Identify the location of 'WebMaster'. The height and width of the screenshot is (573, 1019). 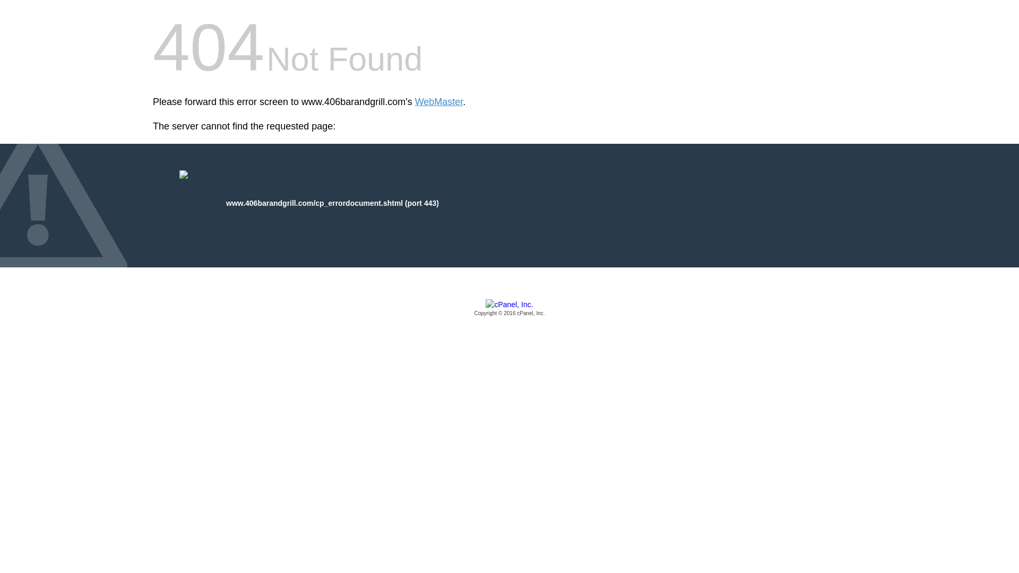
(414, 102).